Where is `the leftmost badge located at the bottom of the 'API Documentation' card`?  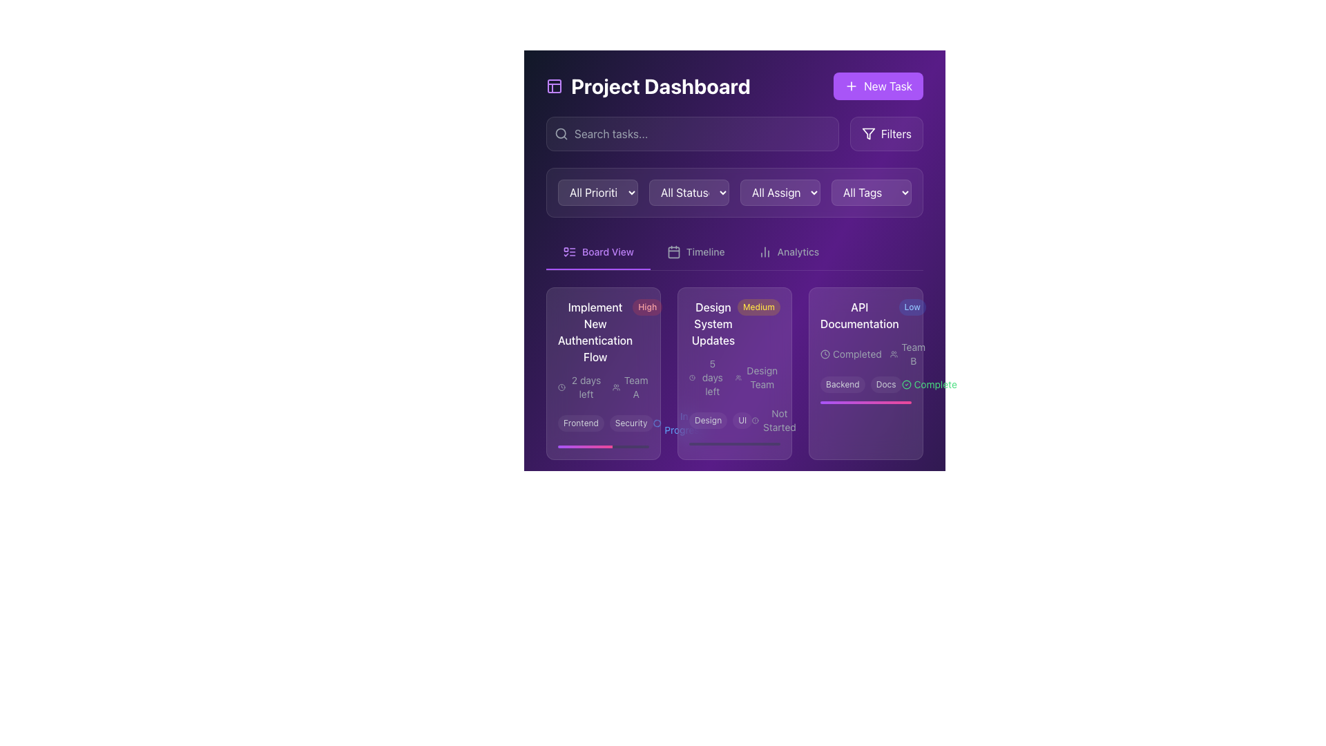 the leftmost badge located at the bottom of the 'API Documentation' card is located at coordinates (842, 593).